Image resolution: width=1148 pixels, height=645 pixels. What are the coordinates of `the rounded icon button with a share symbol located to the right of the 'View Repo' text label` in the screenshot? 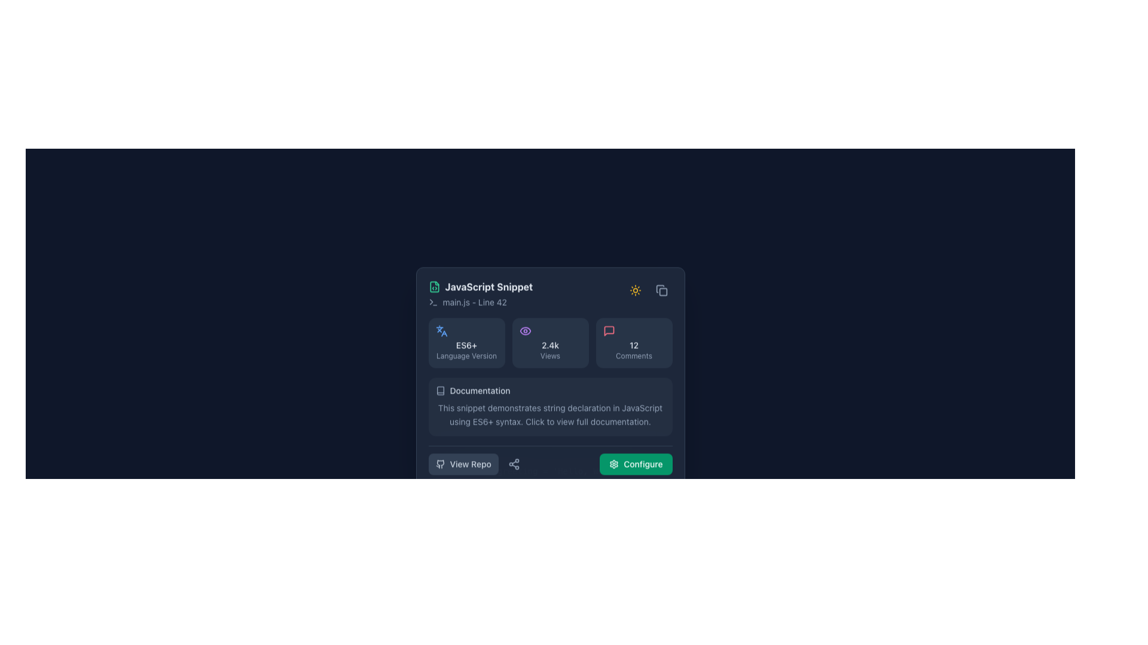 It's located at (514, 463).